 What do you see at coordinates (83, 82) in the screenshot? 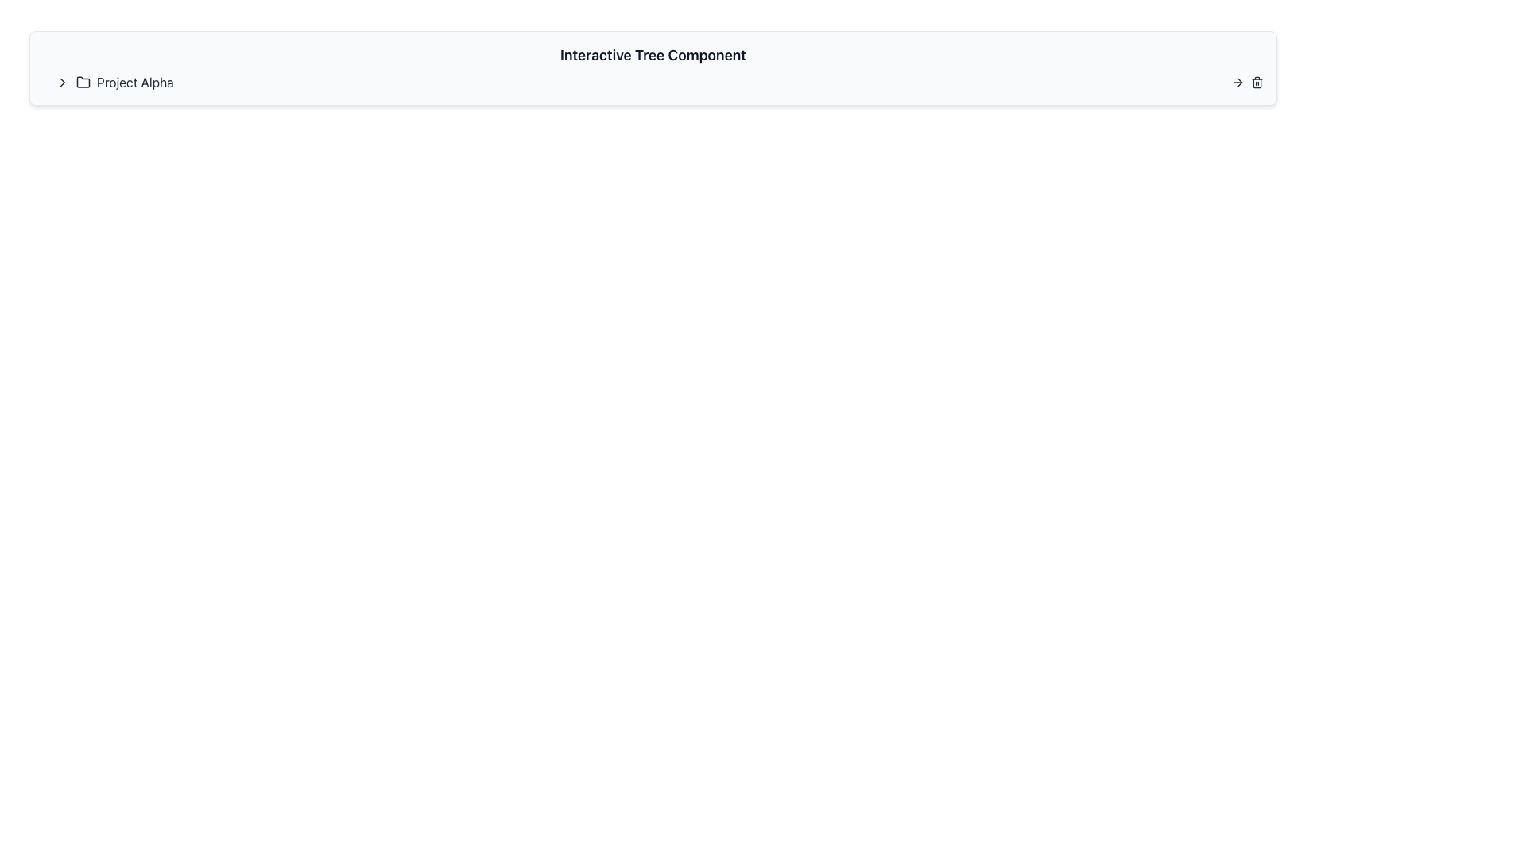
I see `the folder icon representing 'Project Alpha', which is situated to the left of the project title` at bounding box center [83, 82].